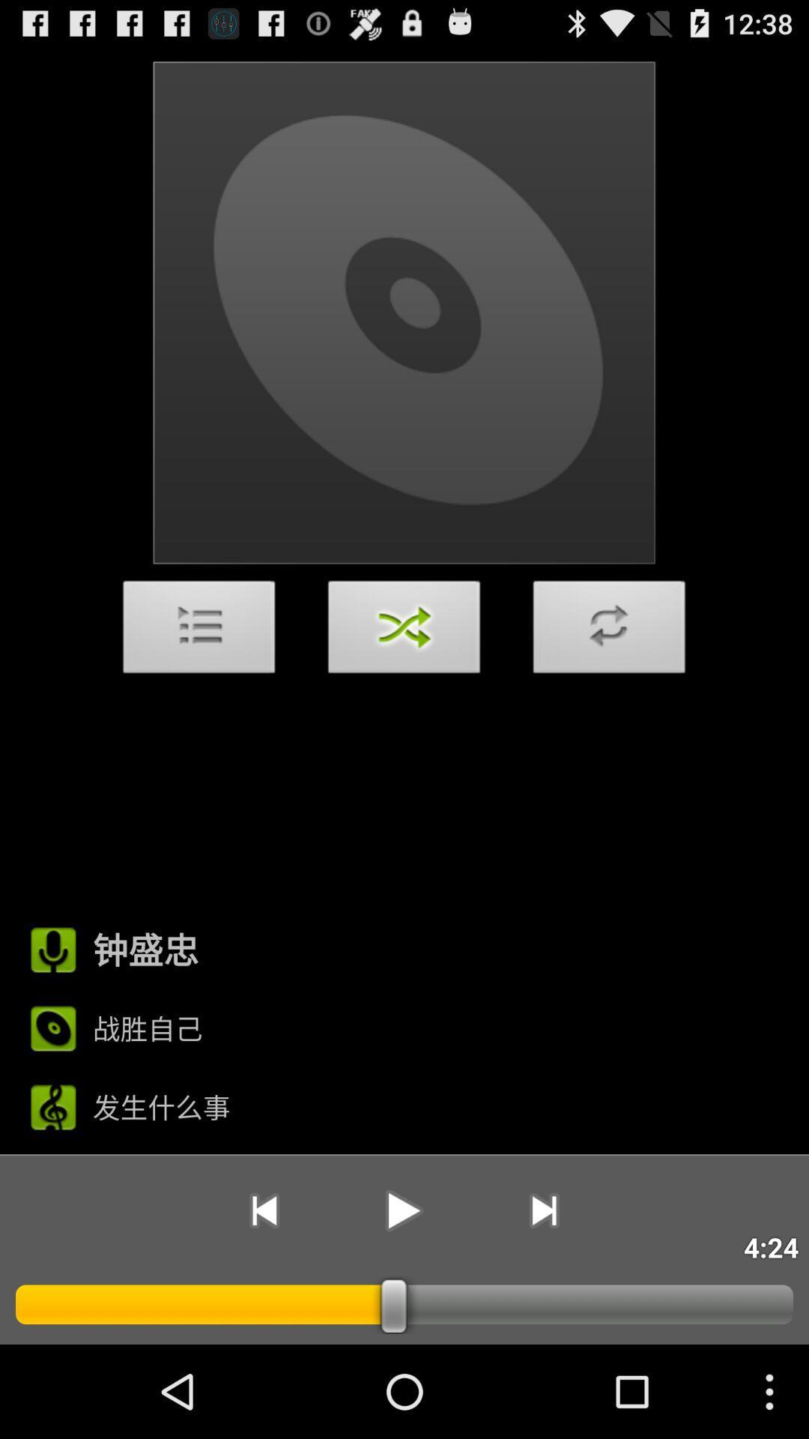  I want to click on the app next to the 4:24 app, so click(544, 1210).